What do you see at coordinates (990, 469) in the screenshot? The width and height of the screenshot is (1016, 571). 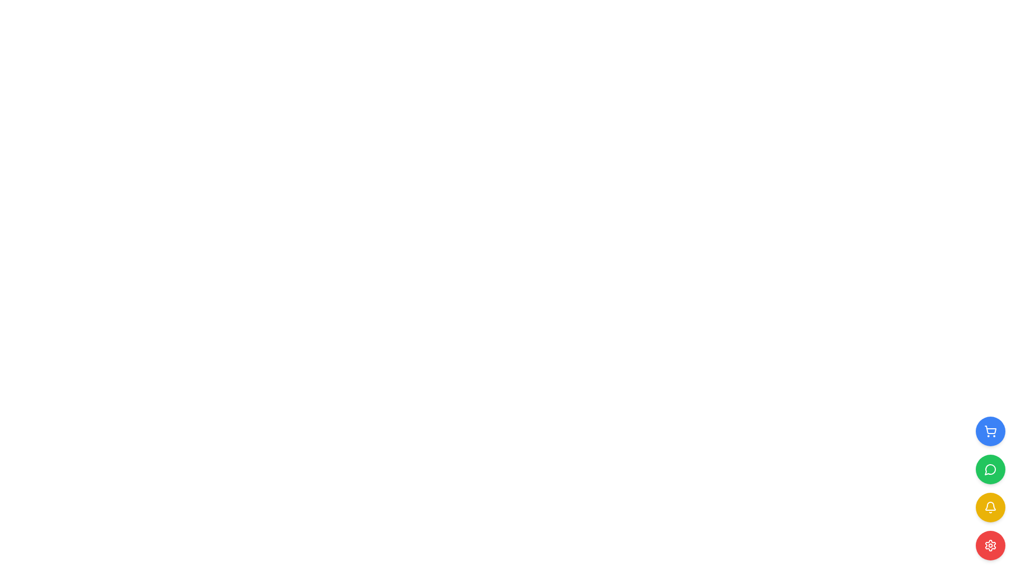 I see `the chat icon button, which is the second button from the top in the vertical button cluster` at bounding box center [990, 469].